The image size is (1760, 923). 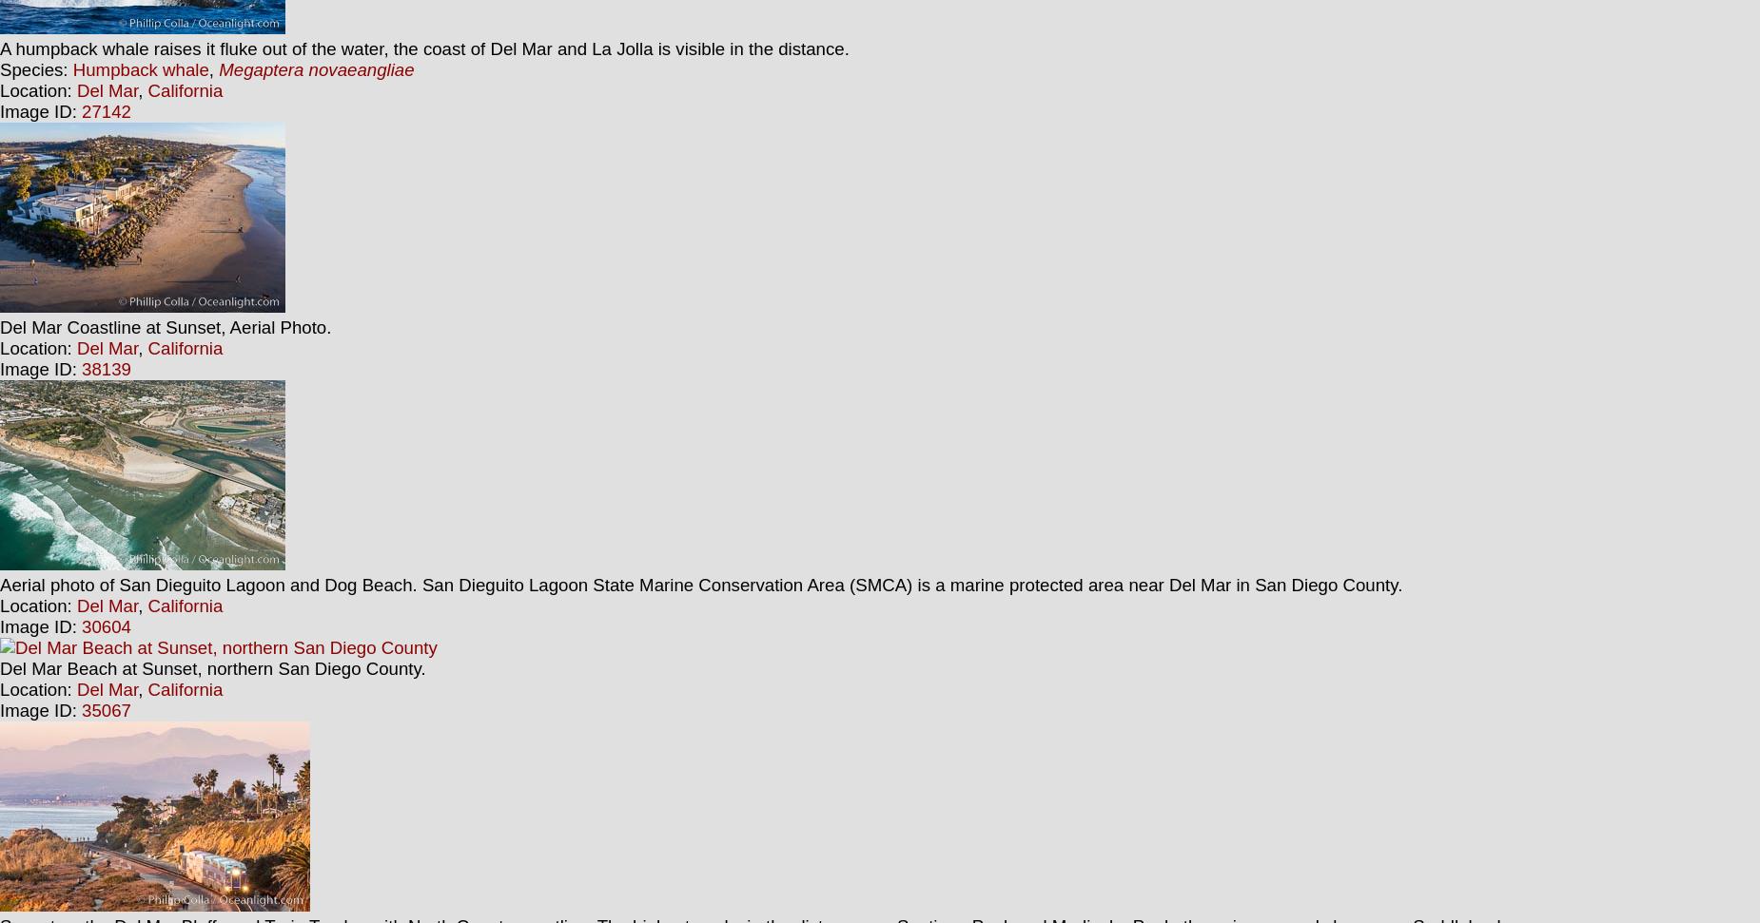 What do you see at coordinates (211, 667) in the screenshot?
I see `'Del Mar Beach at Sunset, northern San Diego County.'` at bounding box center [211, 667].